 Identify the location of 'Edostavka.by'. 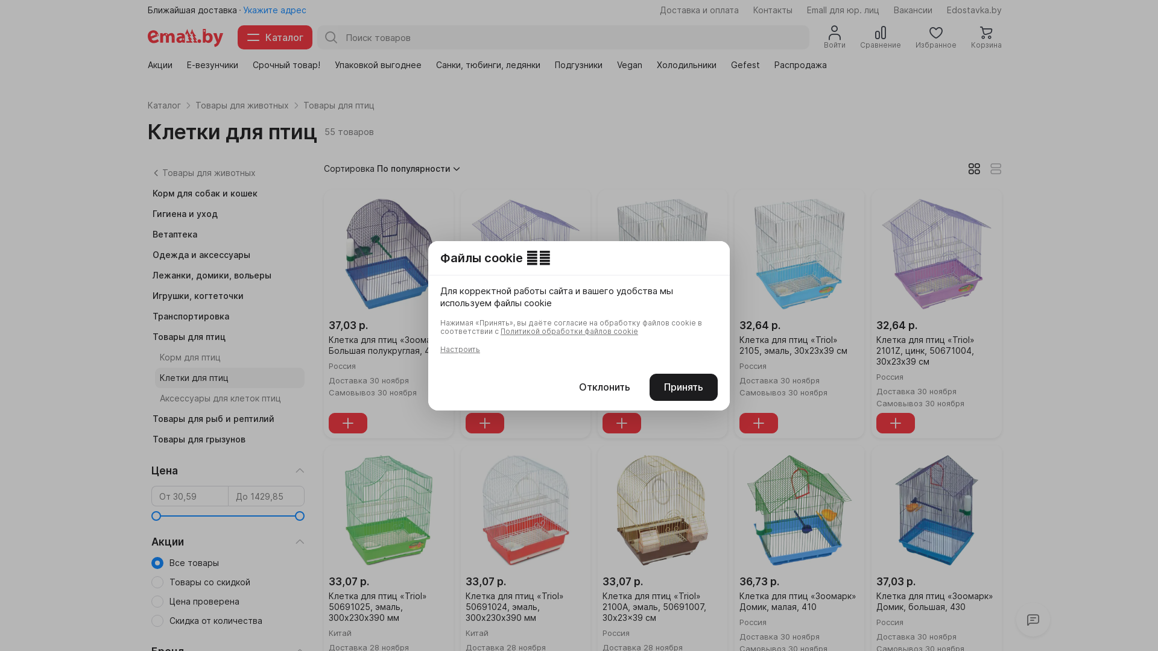
(974, 10).